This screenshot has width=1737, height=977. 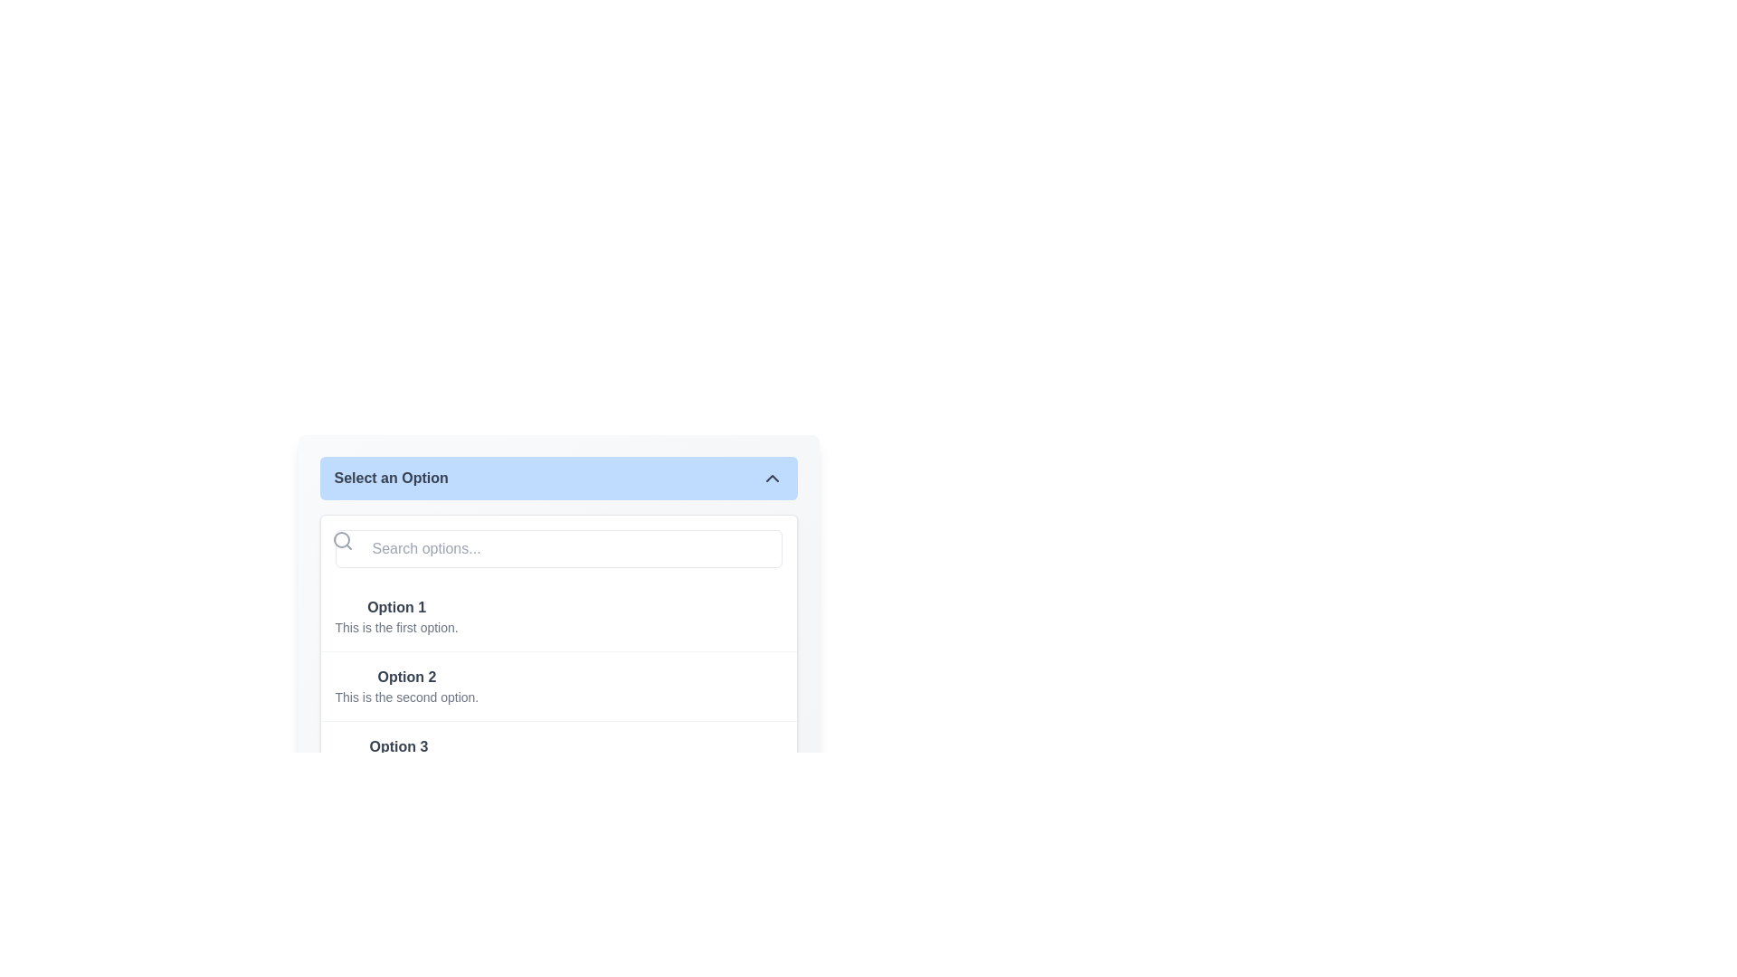 What do you see at coordinates (557, 616) in the screenshot?
I see `the first selectable option 'Option 1' in the dropdown menu` at bounding box center [557, 616].